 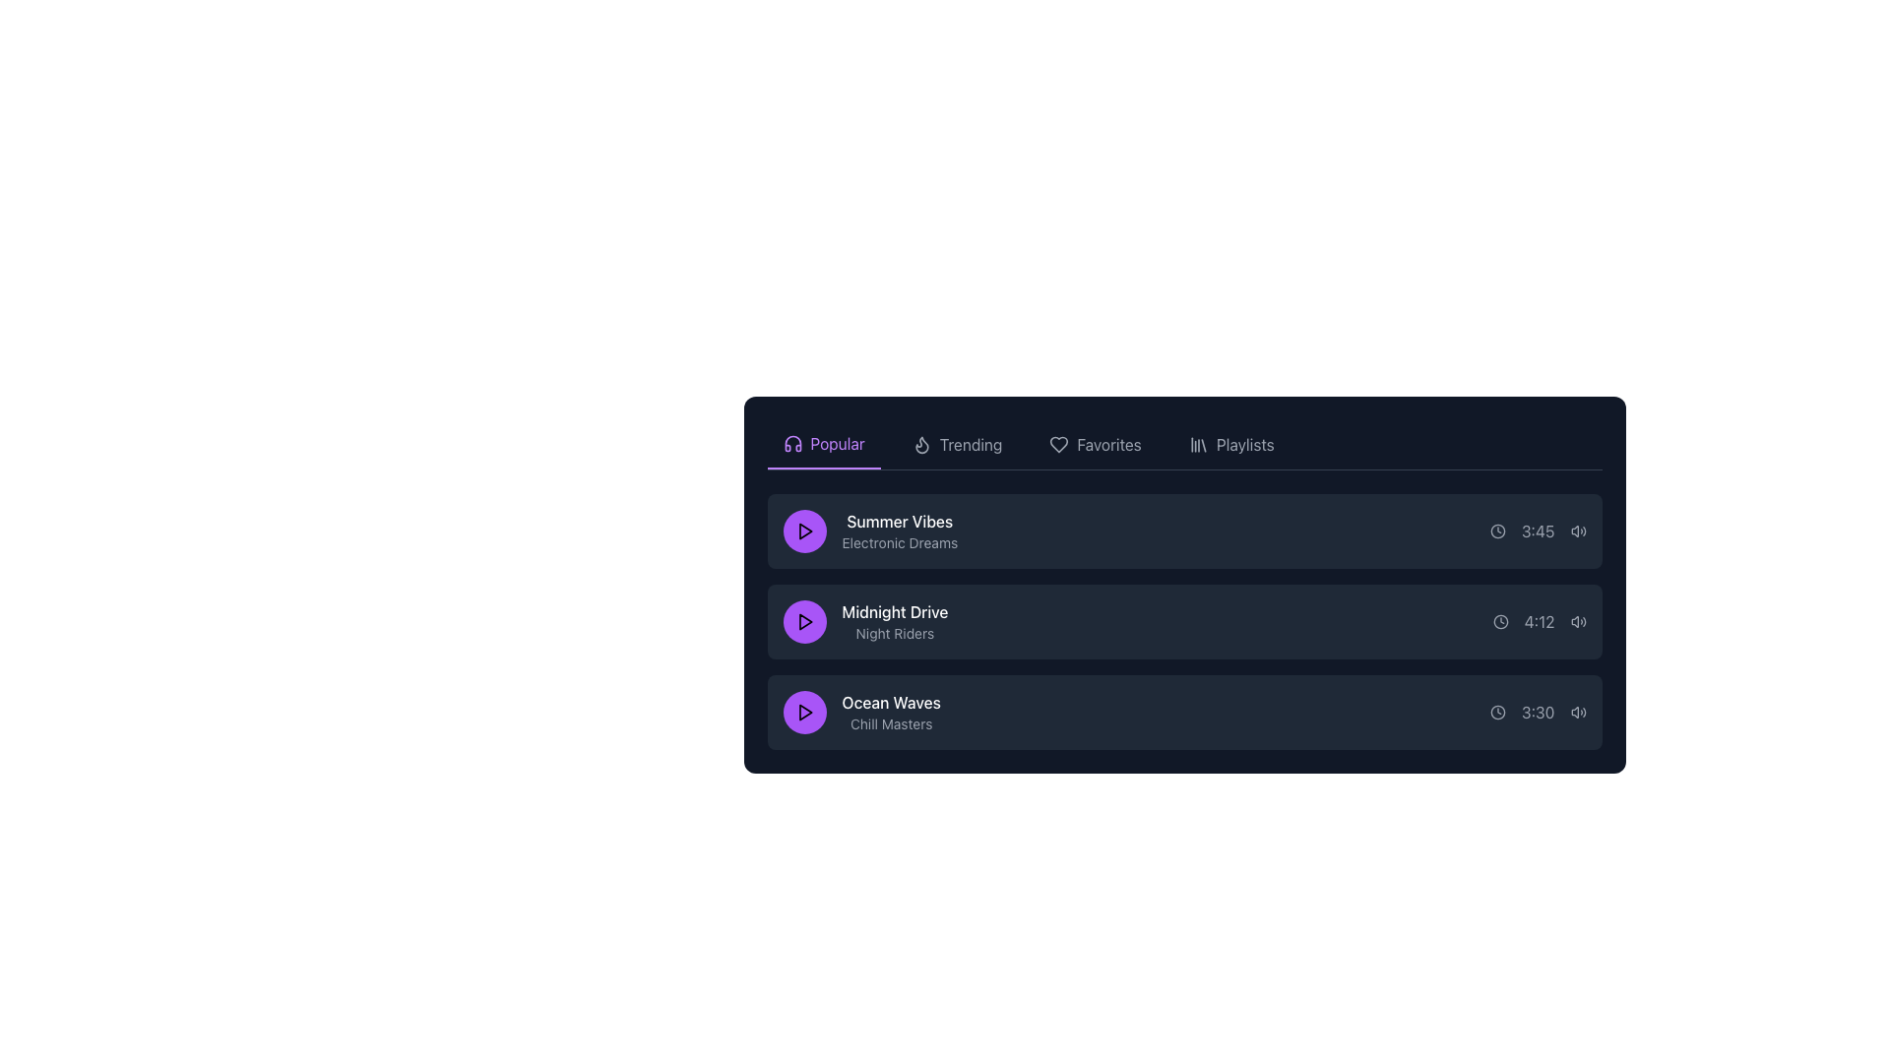 What do you see at coordinates (792, 444) in the screenshot?
I see `the headphone icon styled with a modern, minimalistic line design in purple, located to the left of the 'Popular' text in the 'Popular' tab header section` at bounding box center [792, 444].